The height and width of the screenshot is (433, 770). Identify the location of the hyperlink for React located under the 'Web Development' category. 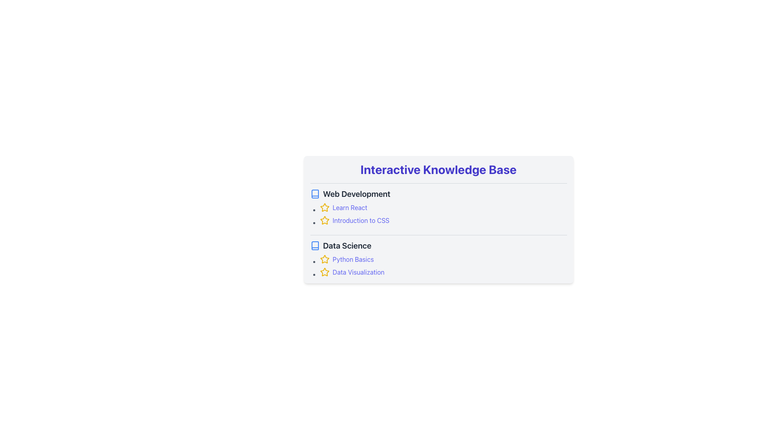
(443, 207).